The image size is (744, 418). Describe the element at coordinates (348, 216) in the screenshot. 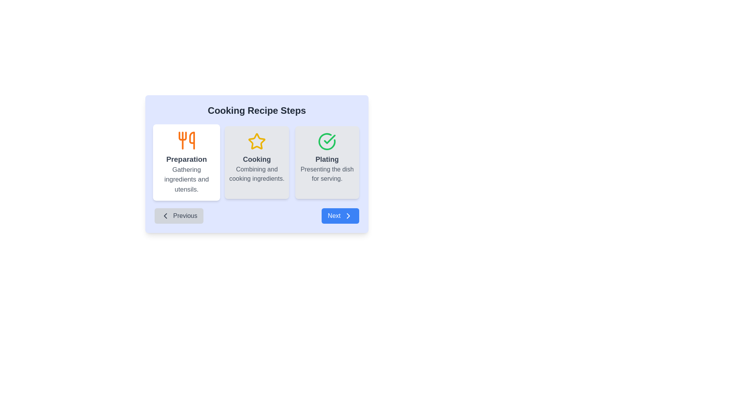

I see `the right-facing chevron icon on the blue background, which is part of the 'Next' button, to proceed to the next step in the Cooking Recipe Steps interface` at that location.